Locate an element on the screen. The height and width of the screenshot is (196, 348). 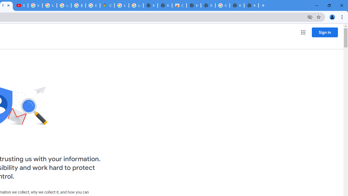
'Subscriptions - YouTube' is located at coordinates (21, 5).